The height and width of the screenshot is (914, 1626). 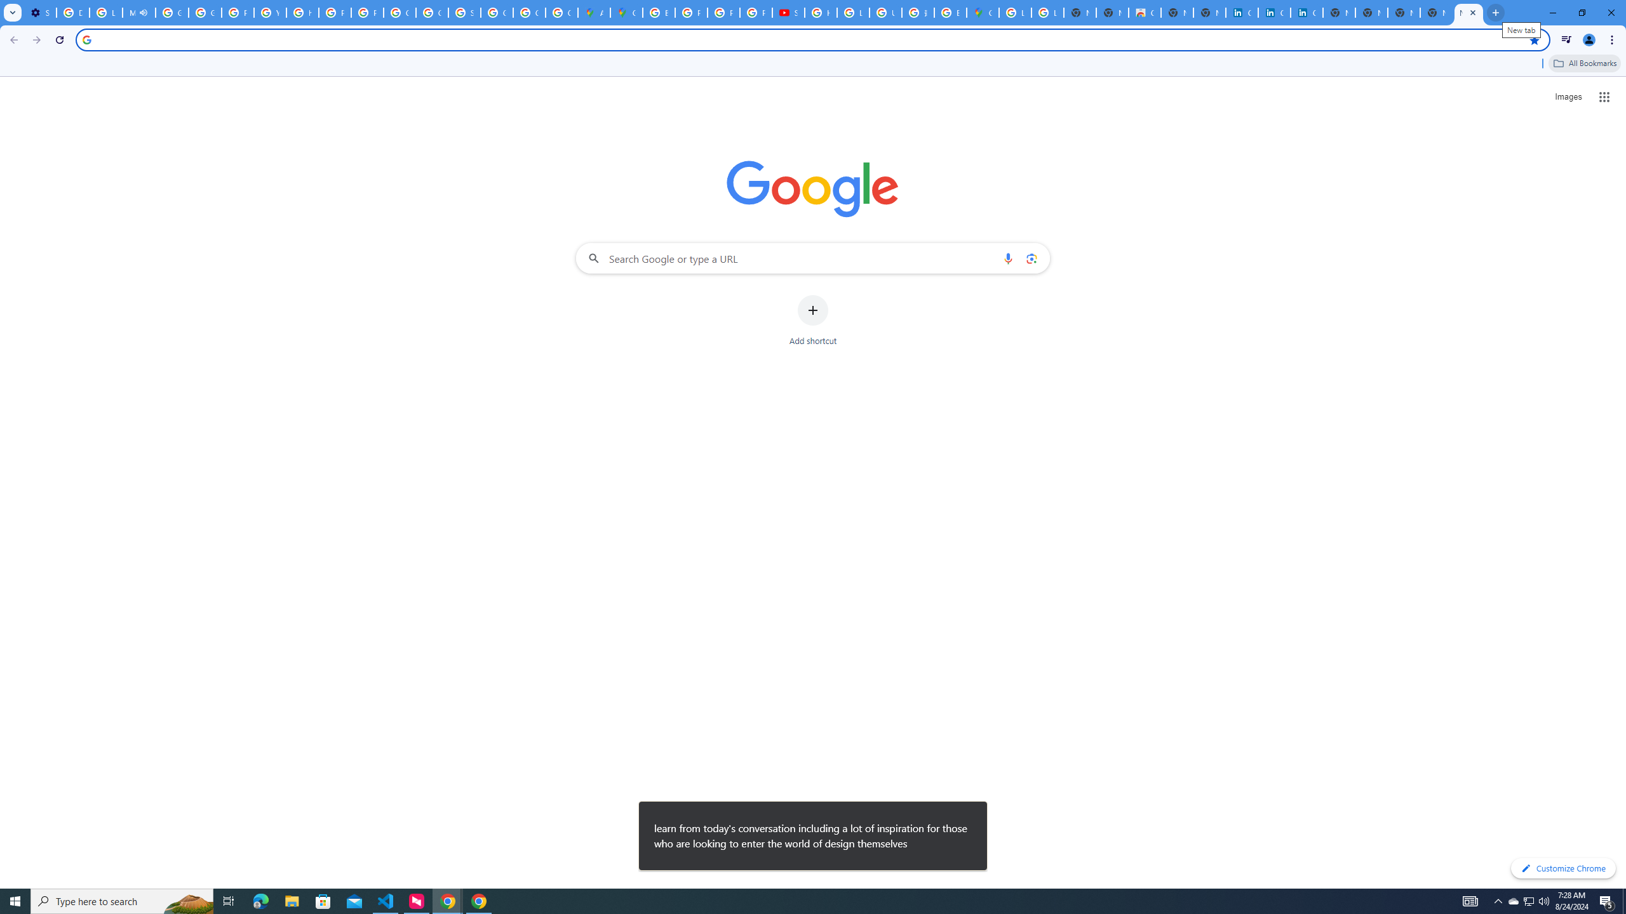 What do you see at coordinates (659, 12) in the screenshot?
I see `'Blogger Policies and Guidelines - Transparency Center'` at bounding box center [659, 12].